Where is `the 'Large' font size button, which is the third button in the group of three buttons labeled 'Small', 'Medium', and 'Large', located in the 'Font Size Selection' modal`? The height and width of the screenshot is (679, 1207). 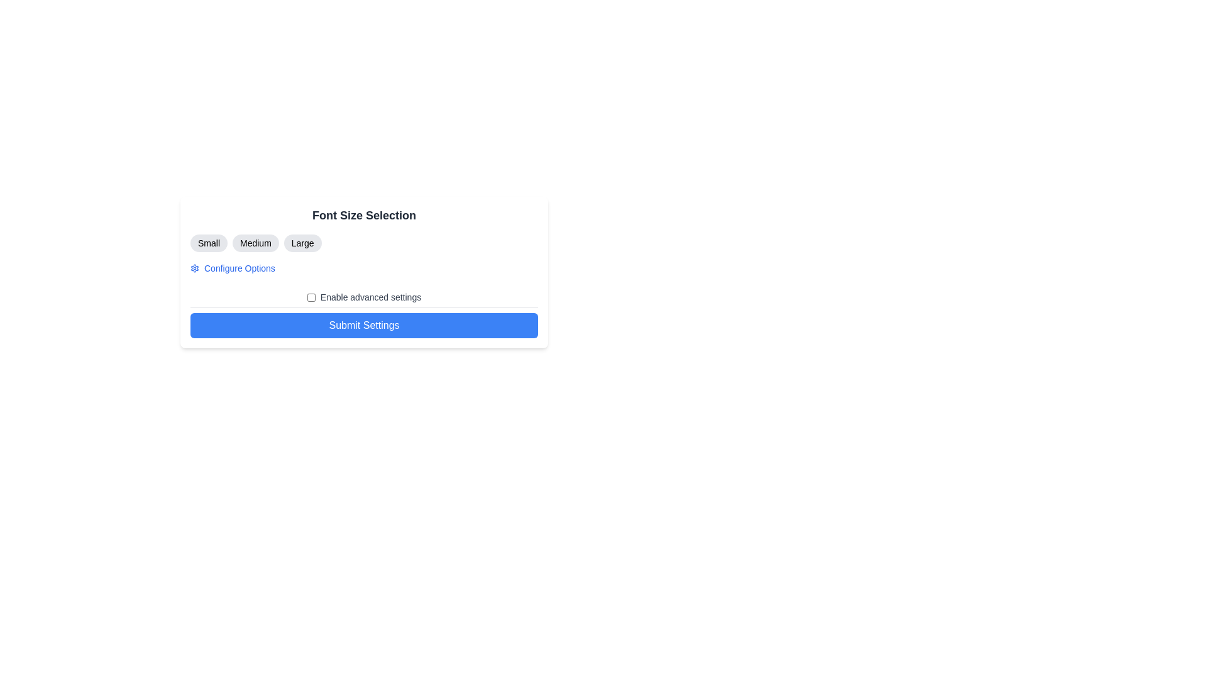
the 'Large' font size button, which is the third button in the group of three buttons labeled 'Small', 'Medium', and 'Large', located in the 'Font Size Selection' modal is located at coordinates (302, 243).